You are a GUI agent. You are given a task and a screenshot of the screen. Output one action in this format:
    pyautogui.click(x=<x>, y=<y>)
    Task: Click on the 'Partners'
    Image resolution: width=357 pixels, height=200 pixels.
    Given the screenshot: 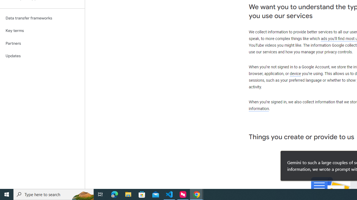 What is the action you would take?
    pyautogui.click(x=42, y=43)
    